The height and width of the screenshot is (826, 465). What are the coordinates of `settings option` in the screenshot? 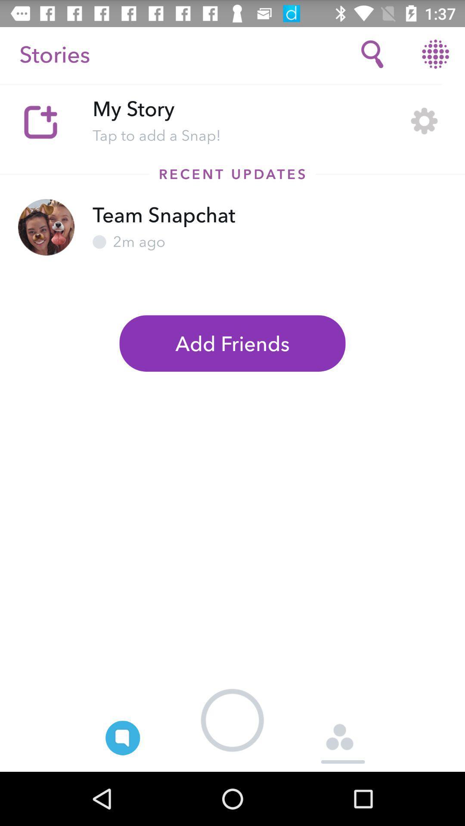 It's located at (424, 120).